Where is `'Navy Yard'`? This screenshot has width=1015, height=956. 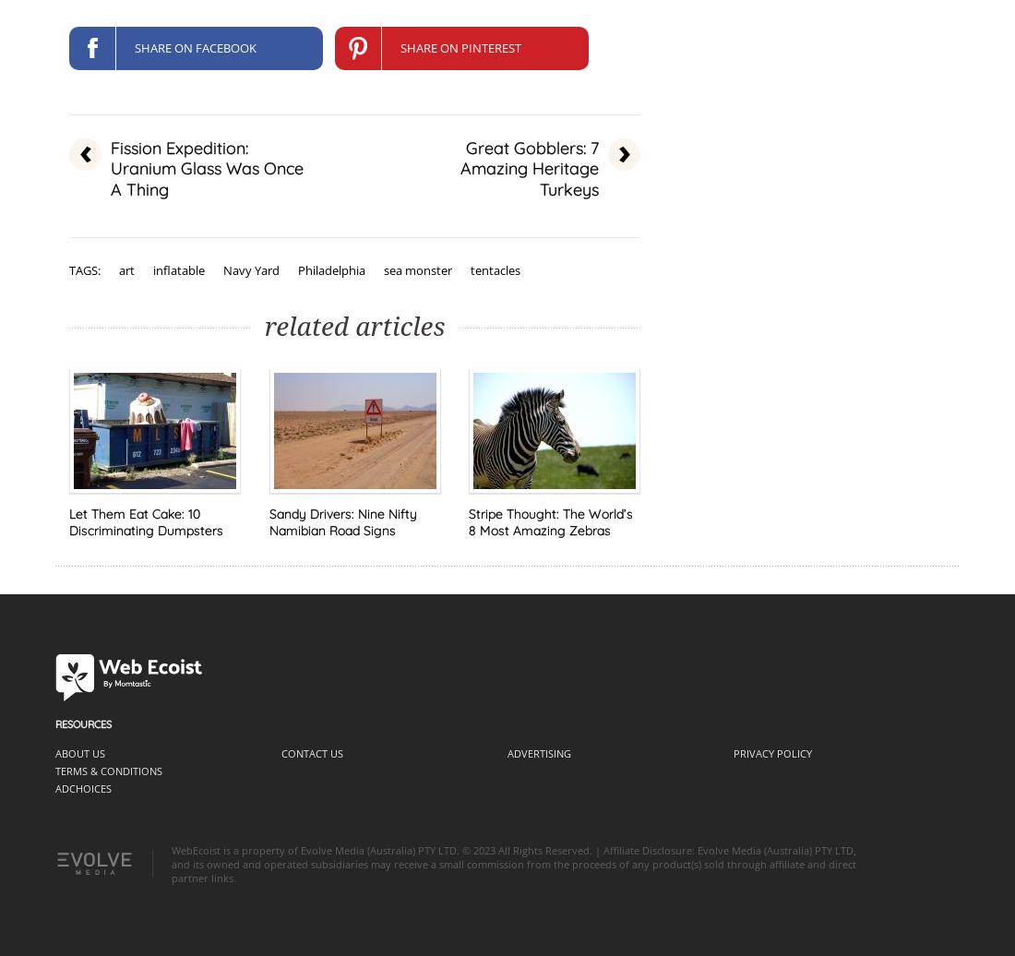
'Navy Yard' is located at coordinates (251, 269).